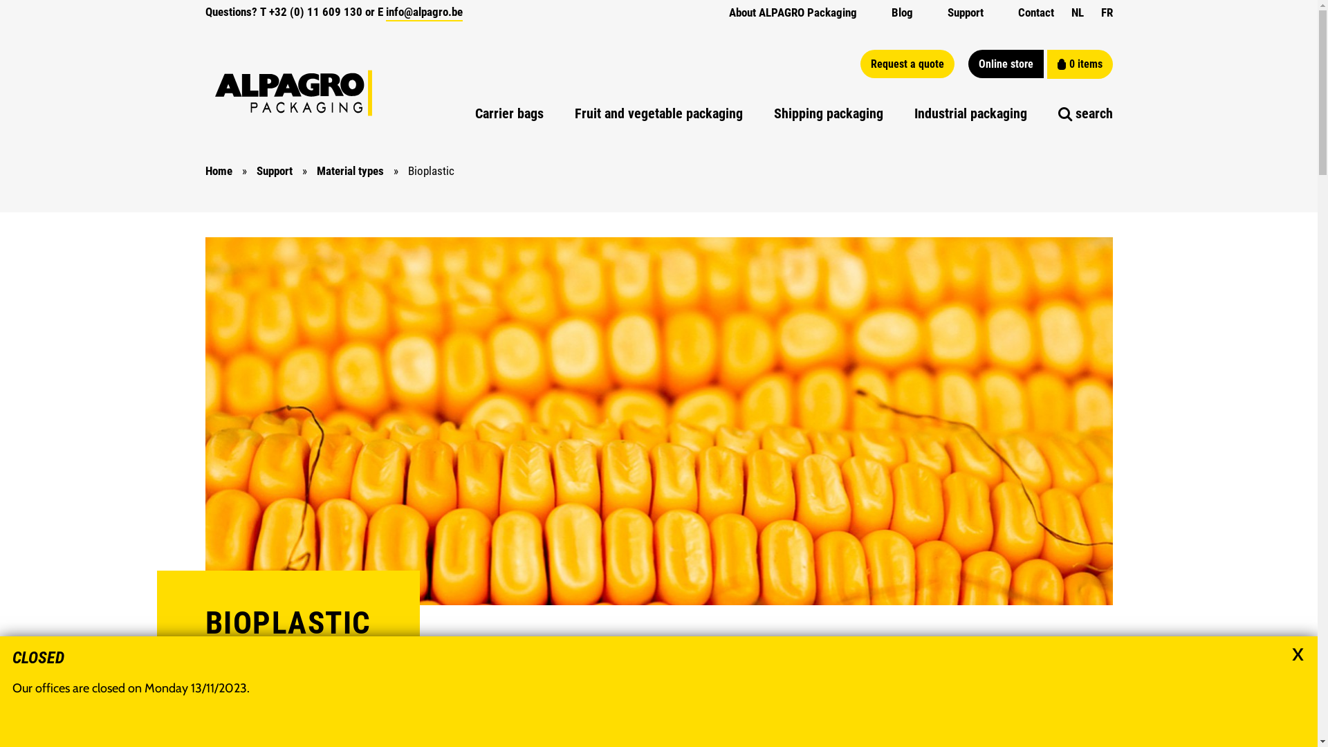  What do you see at coordinates (423, 12) in the screenshot?
I see `'info@alpagro.be'` at bounding box center [423, 12].